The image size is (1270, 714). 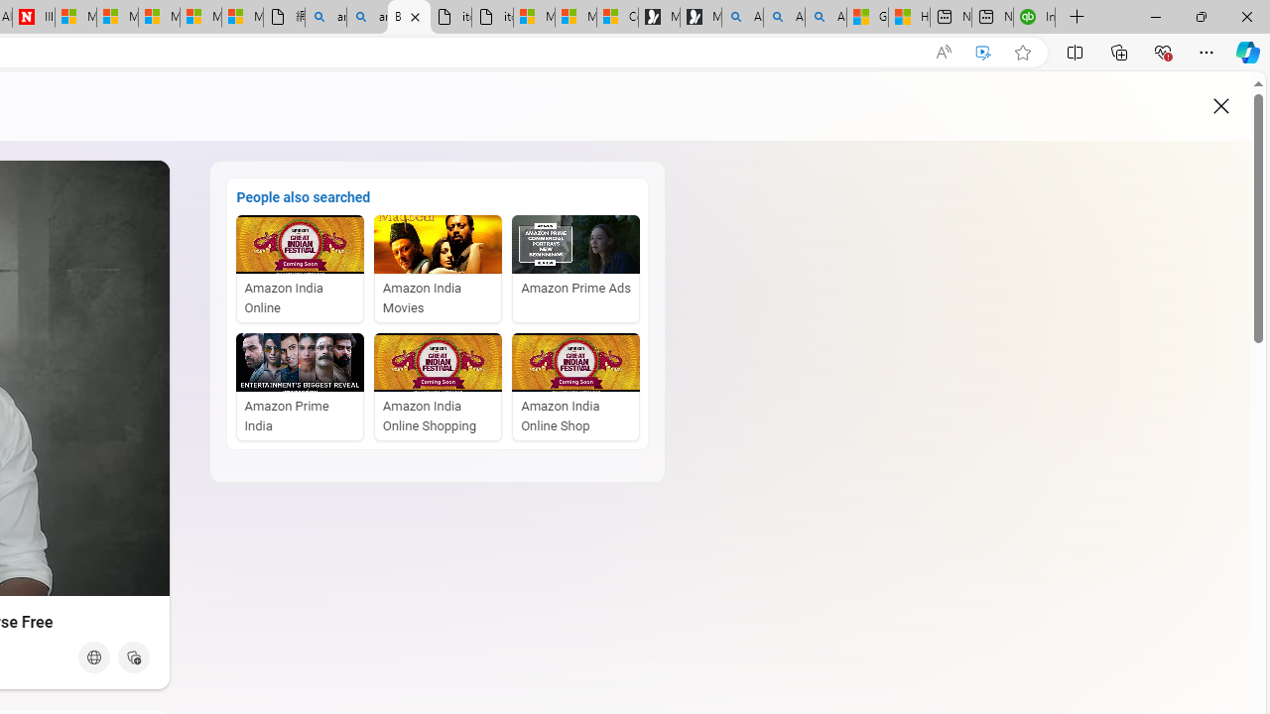 I want to click on 'Amazon Prime Ads', so click(x=574, y=269).